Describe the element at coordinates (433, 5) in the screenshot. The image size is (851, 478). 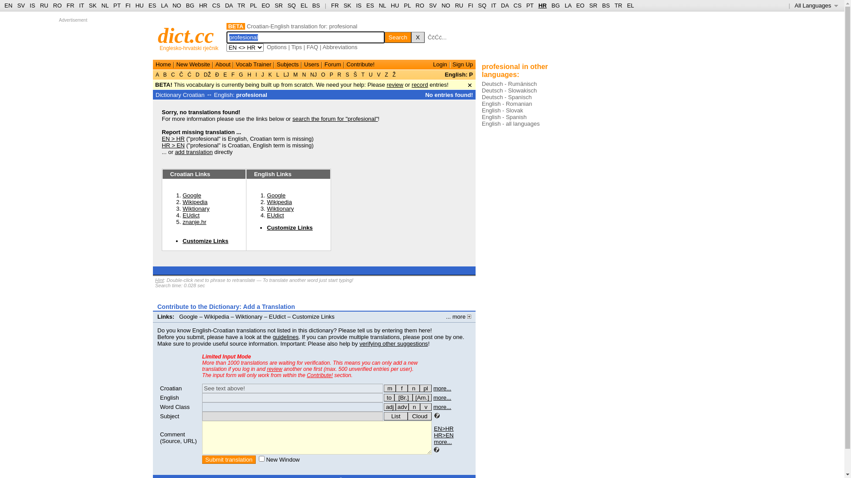
I see `'SV'` at that location.